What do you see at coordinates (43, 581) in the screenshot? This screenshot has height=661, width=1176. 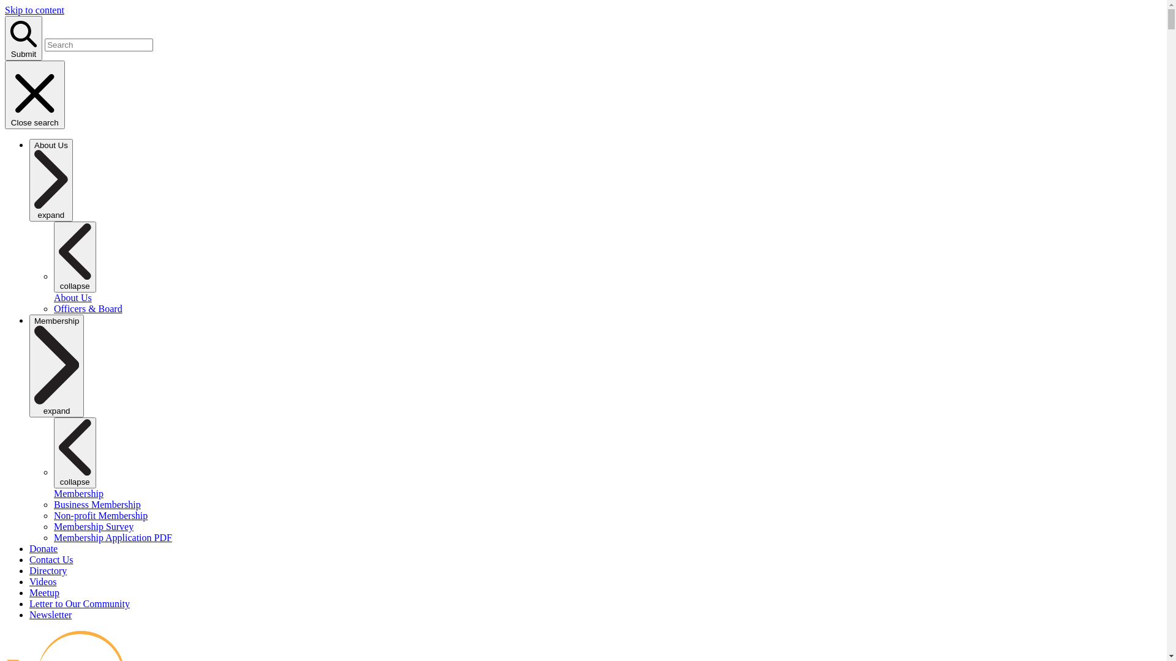 I see `'Videos'` at bounding box center [43, 581].